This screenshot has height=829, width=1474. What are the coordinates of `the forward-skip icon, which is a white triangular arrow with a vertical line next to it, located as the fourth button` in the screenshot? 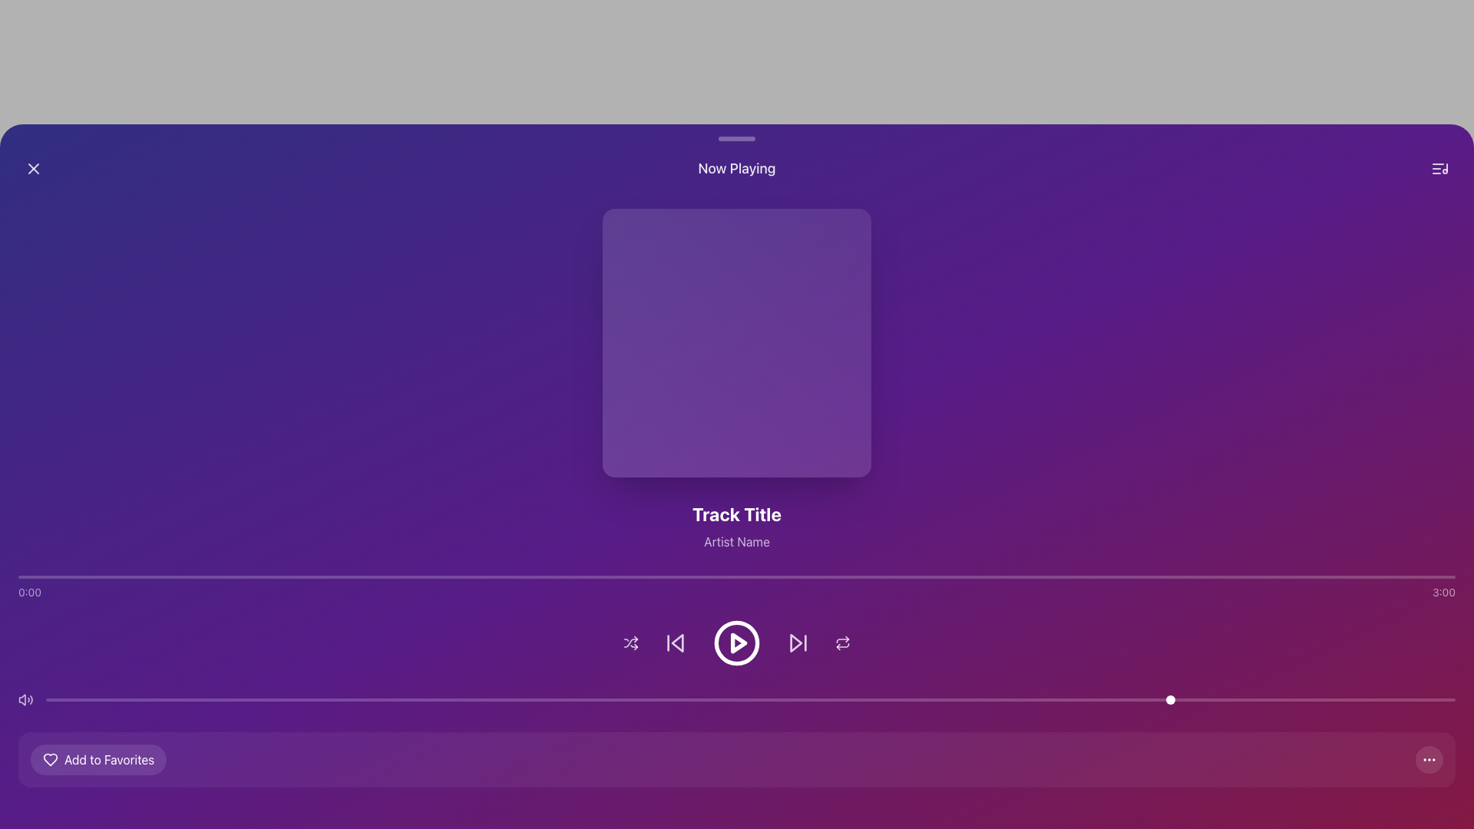 It's located at (798, 642).